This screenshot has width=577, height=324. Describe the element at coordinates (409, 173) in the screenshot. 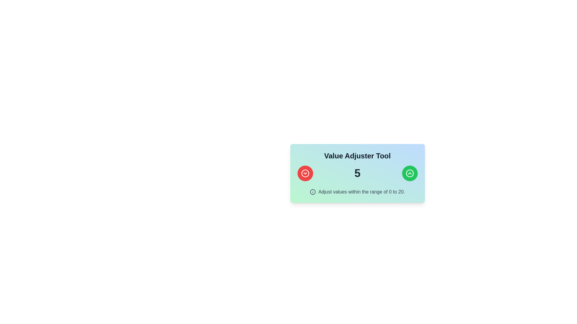

I see `the SVG Circle that has a white outline and green fill, located within the 'Value Adjuster Tool' card at the bottom right` at that location.